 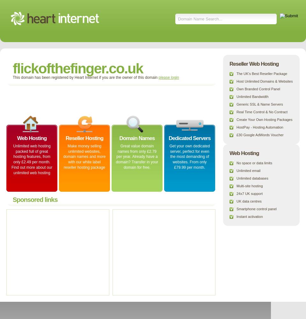 What do you see at coordinates (137, 138) in the screenshot?
I see `'Domain Names'` at bounding box center [137, 138].